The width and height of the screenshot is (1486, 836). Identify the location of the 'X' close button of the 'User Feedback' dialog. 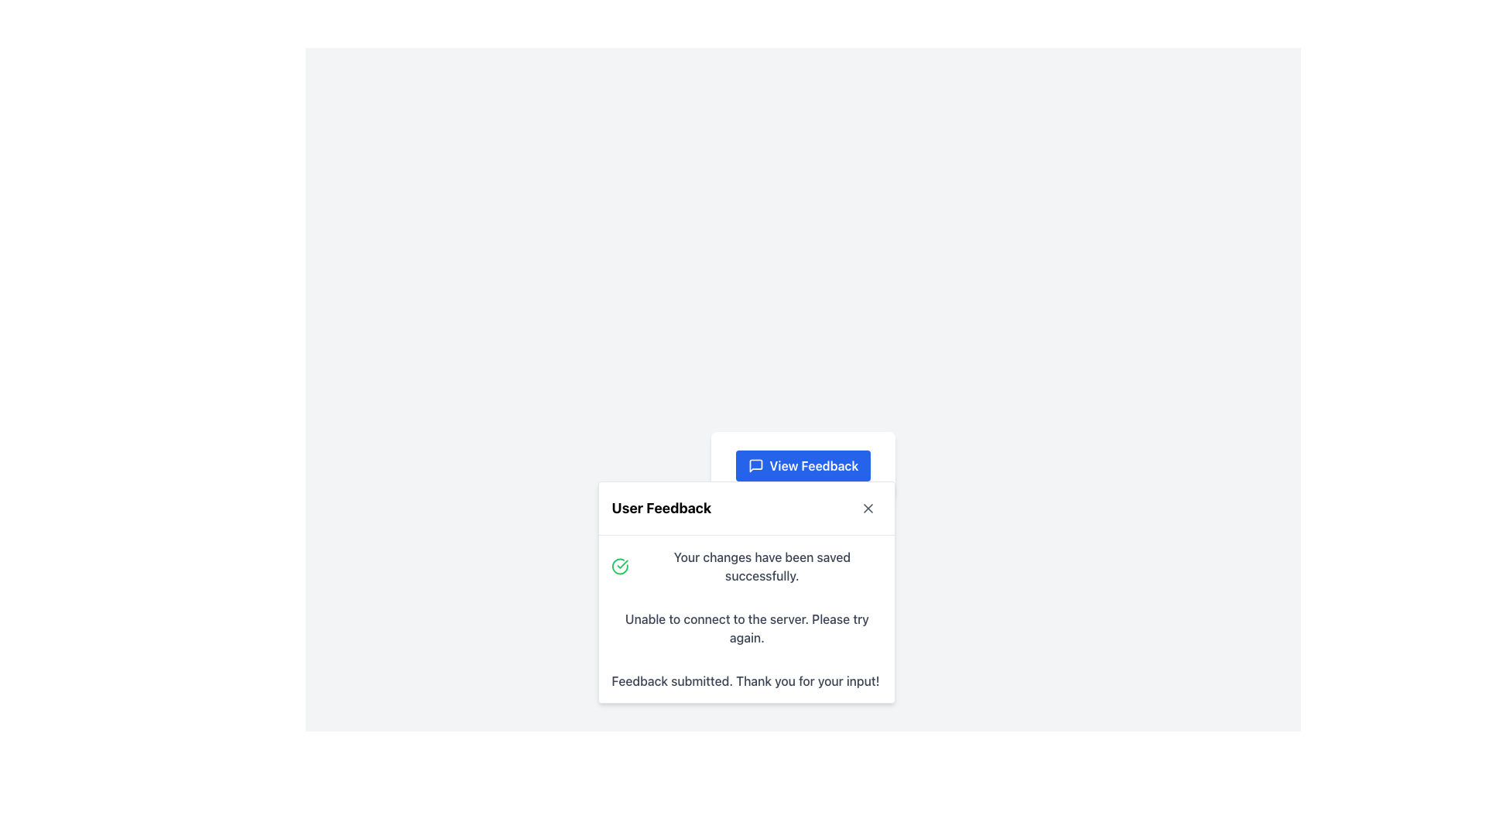
(868, 508).